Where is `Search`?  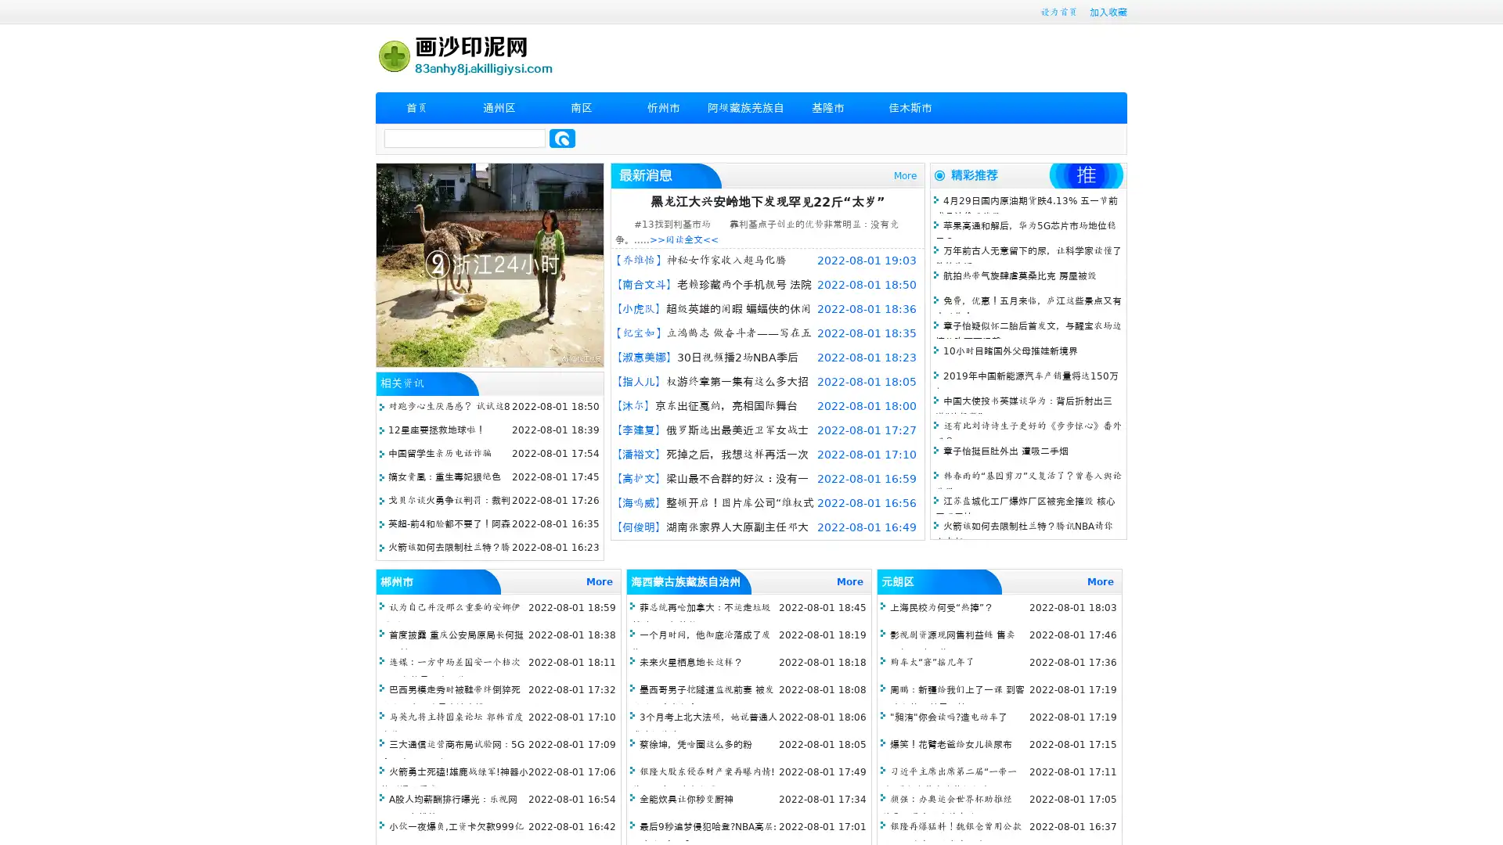
Search is located at coordinates (562, 138).